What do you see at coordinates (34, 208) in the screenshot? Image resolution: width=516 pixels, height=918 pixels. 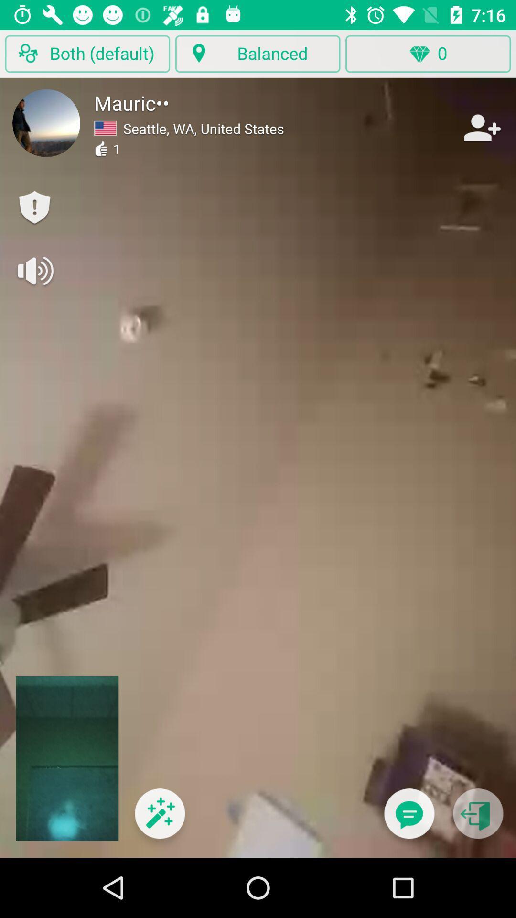 I see `the warning icon` at bounding box center [34, 208].